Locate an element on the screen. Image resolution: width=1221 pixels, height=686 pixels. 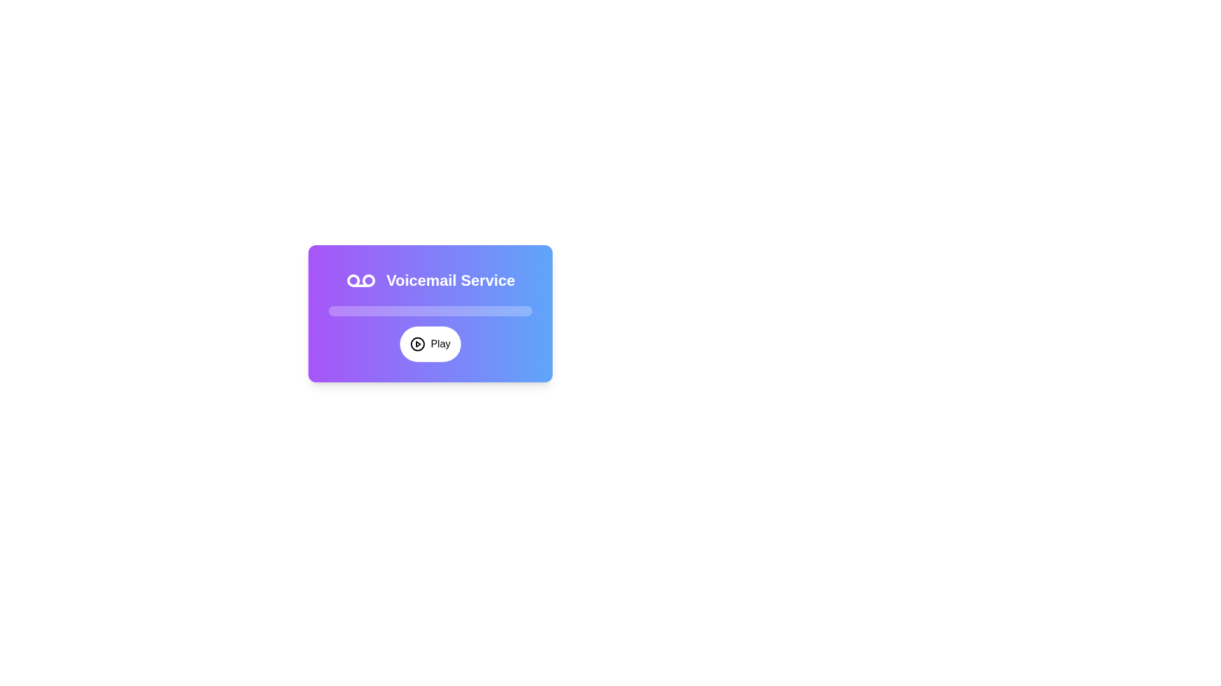
the decorative circle graphic element that serves as the outer boundary for the play button located below the 'Voicemail Service' text is located at coordinates (418, 344).